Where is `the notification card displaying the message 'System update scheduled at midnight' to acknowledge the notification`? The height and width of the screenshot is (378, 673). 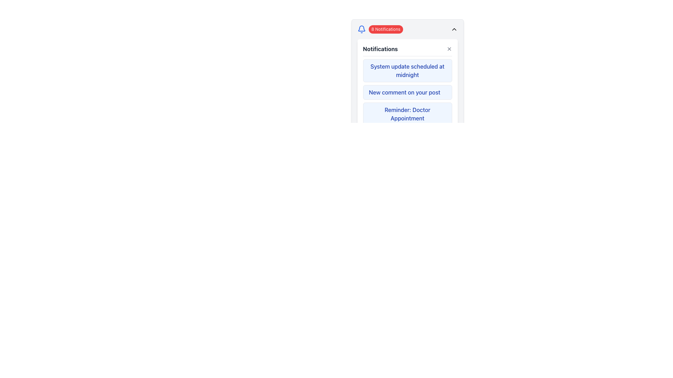
the notification card displaying the message 'System update scheduled at midnight' to acknowledge the notification is located at coordinates (407, 78).